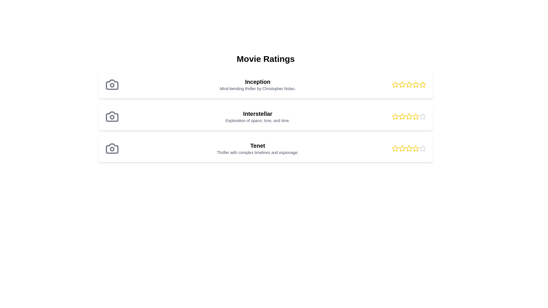  I want to click on the camera icon located in the upper rectangular section of the 'Interstellar' movie rating card, which features a minimalistic gray design, so click(112, 116).